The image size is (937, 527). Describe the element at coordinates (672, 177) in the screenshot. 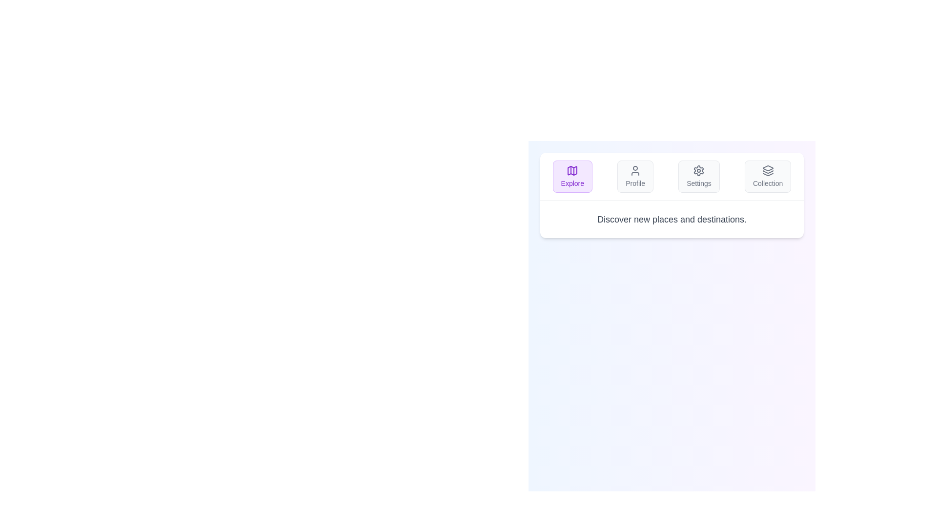

I see `the 'Settings' button in the horizontal navigation menu located near the top of the centered card` at that location.